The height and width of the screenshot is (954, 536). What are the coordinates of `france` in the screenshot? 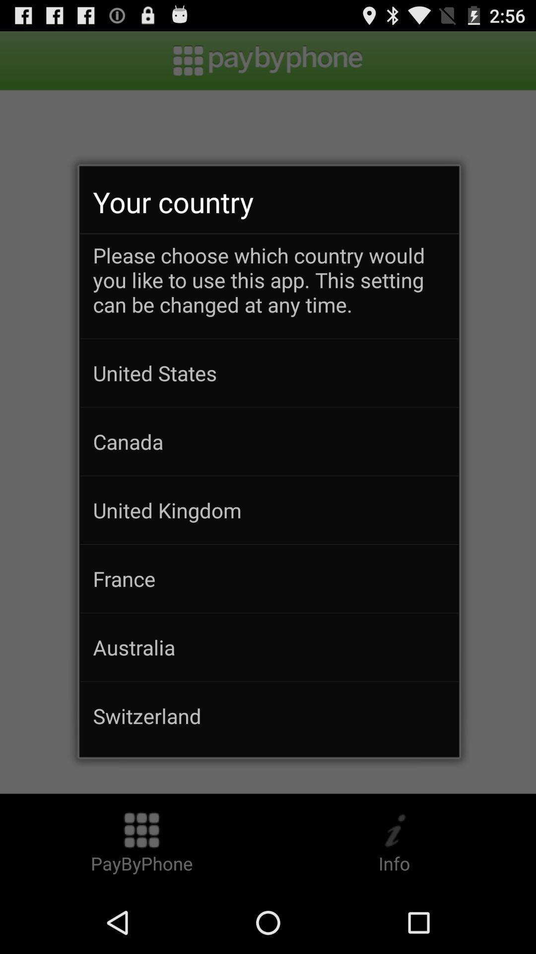 It's located at (269, 578).